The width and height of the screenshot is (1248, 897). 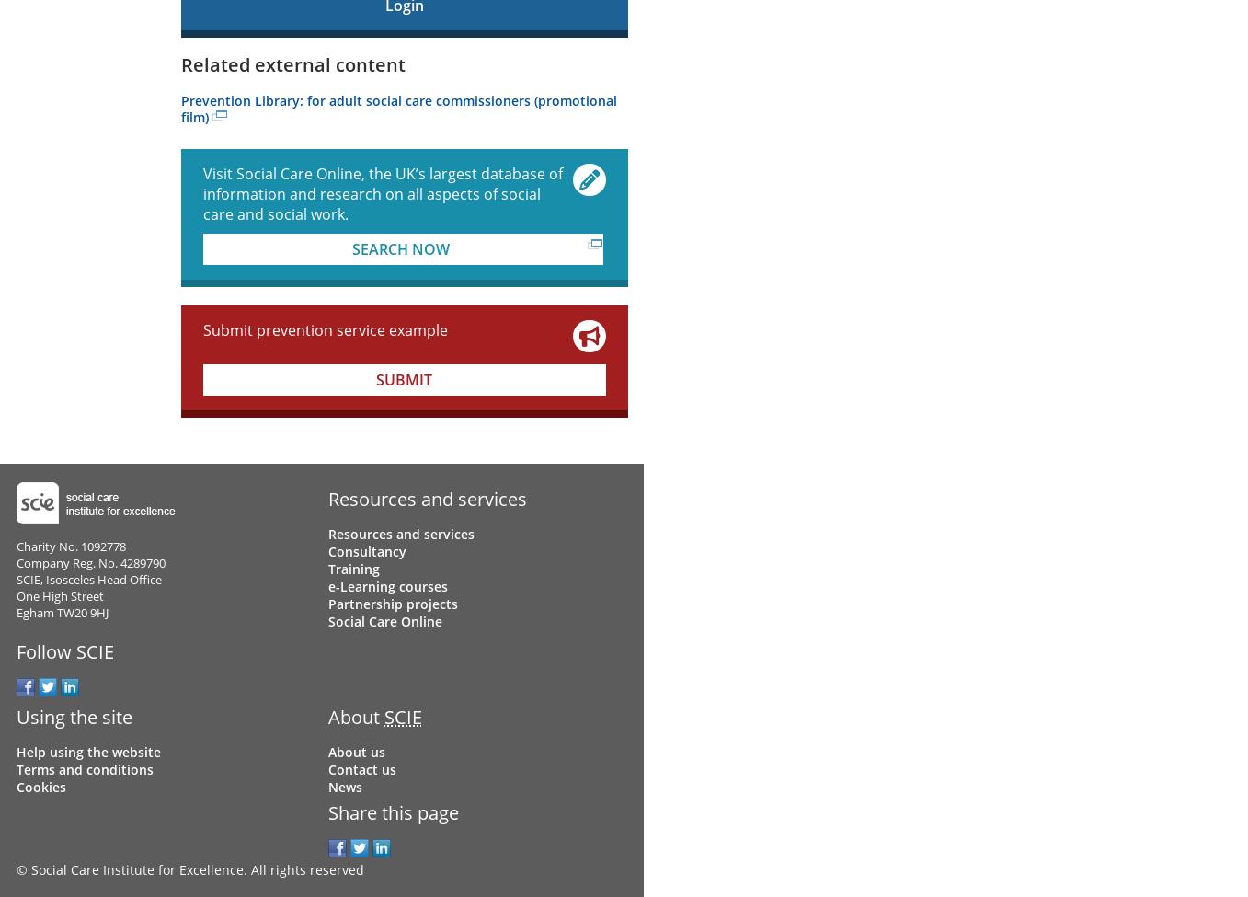 I want to click on 'Contact us', so click(x=326, y=769).